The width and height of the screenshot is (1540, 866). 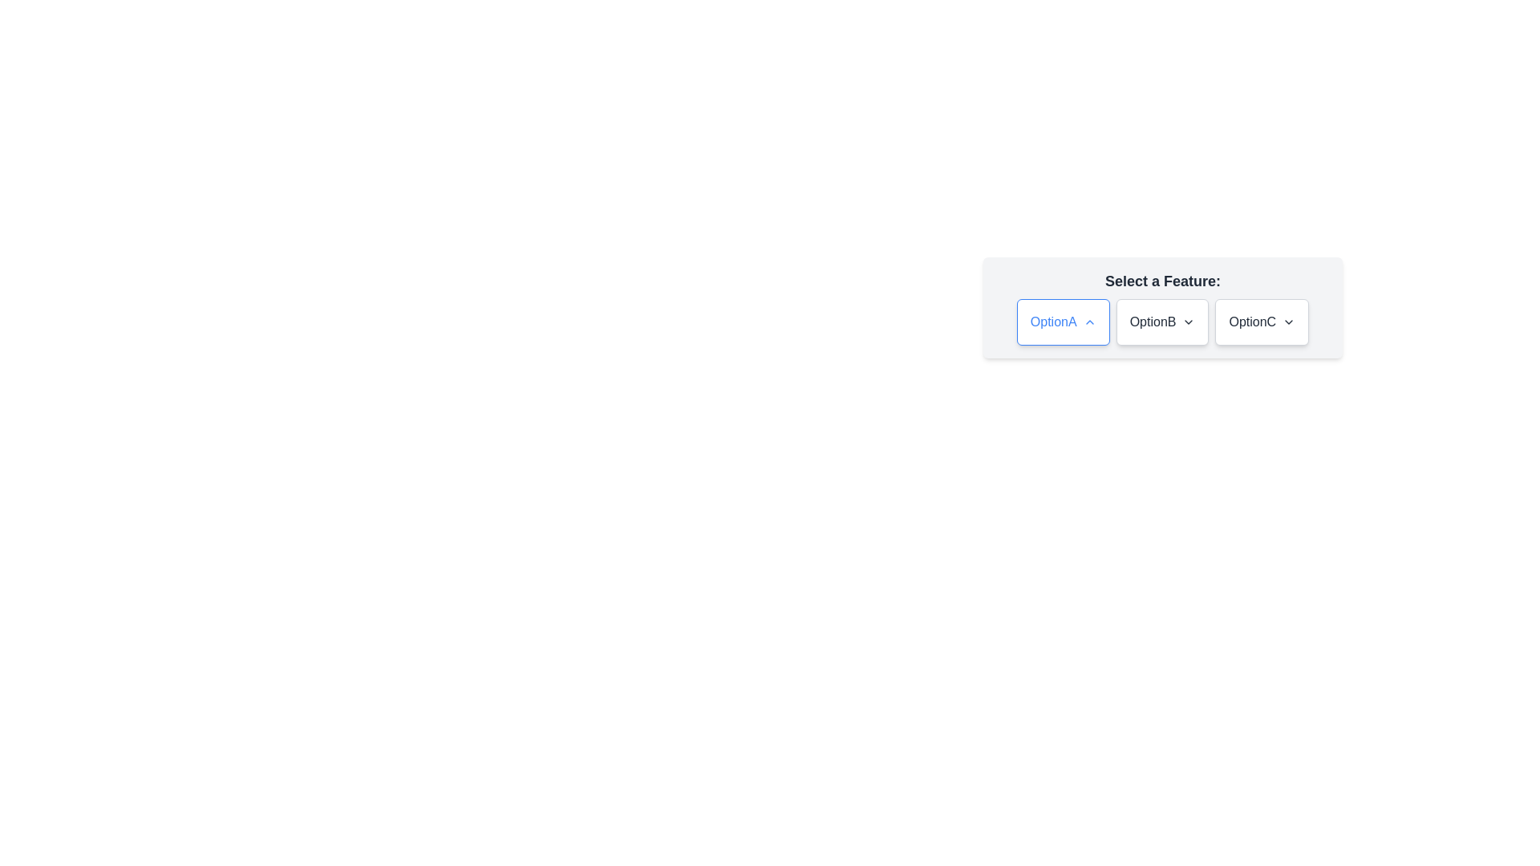 What do you see at coordinates (1261, 322) in the screenshot?
I see `the button labeled 'OptionC' with a white background, rounded corners, and a gray border` at bounding box center [1261, 322].